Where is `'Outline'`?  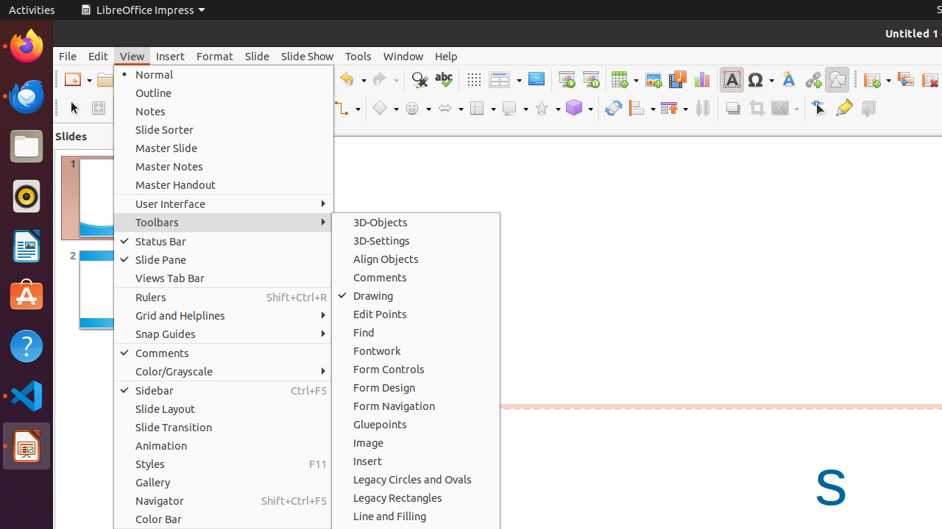
'Outline' is located at coordinates (223, 93).